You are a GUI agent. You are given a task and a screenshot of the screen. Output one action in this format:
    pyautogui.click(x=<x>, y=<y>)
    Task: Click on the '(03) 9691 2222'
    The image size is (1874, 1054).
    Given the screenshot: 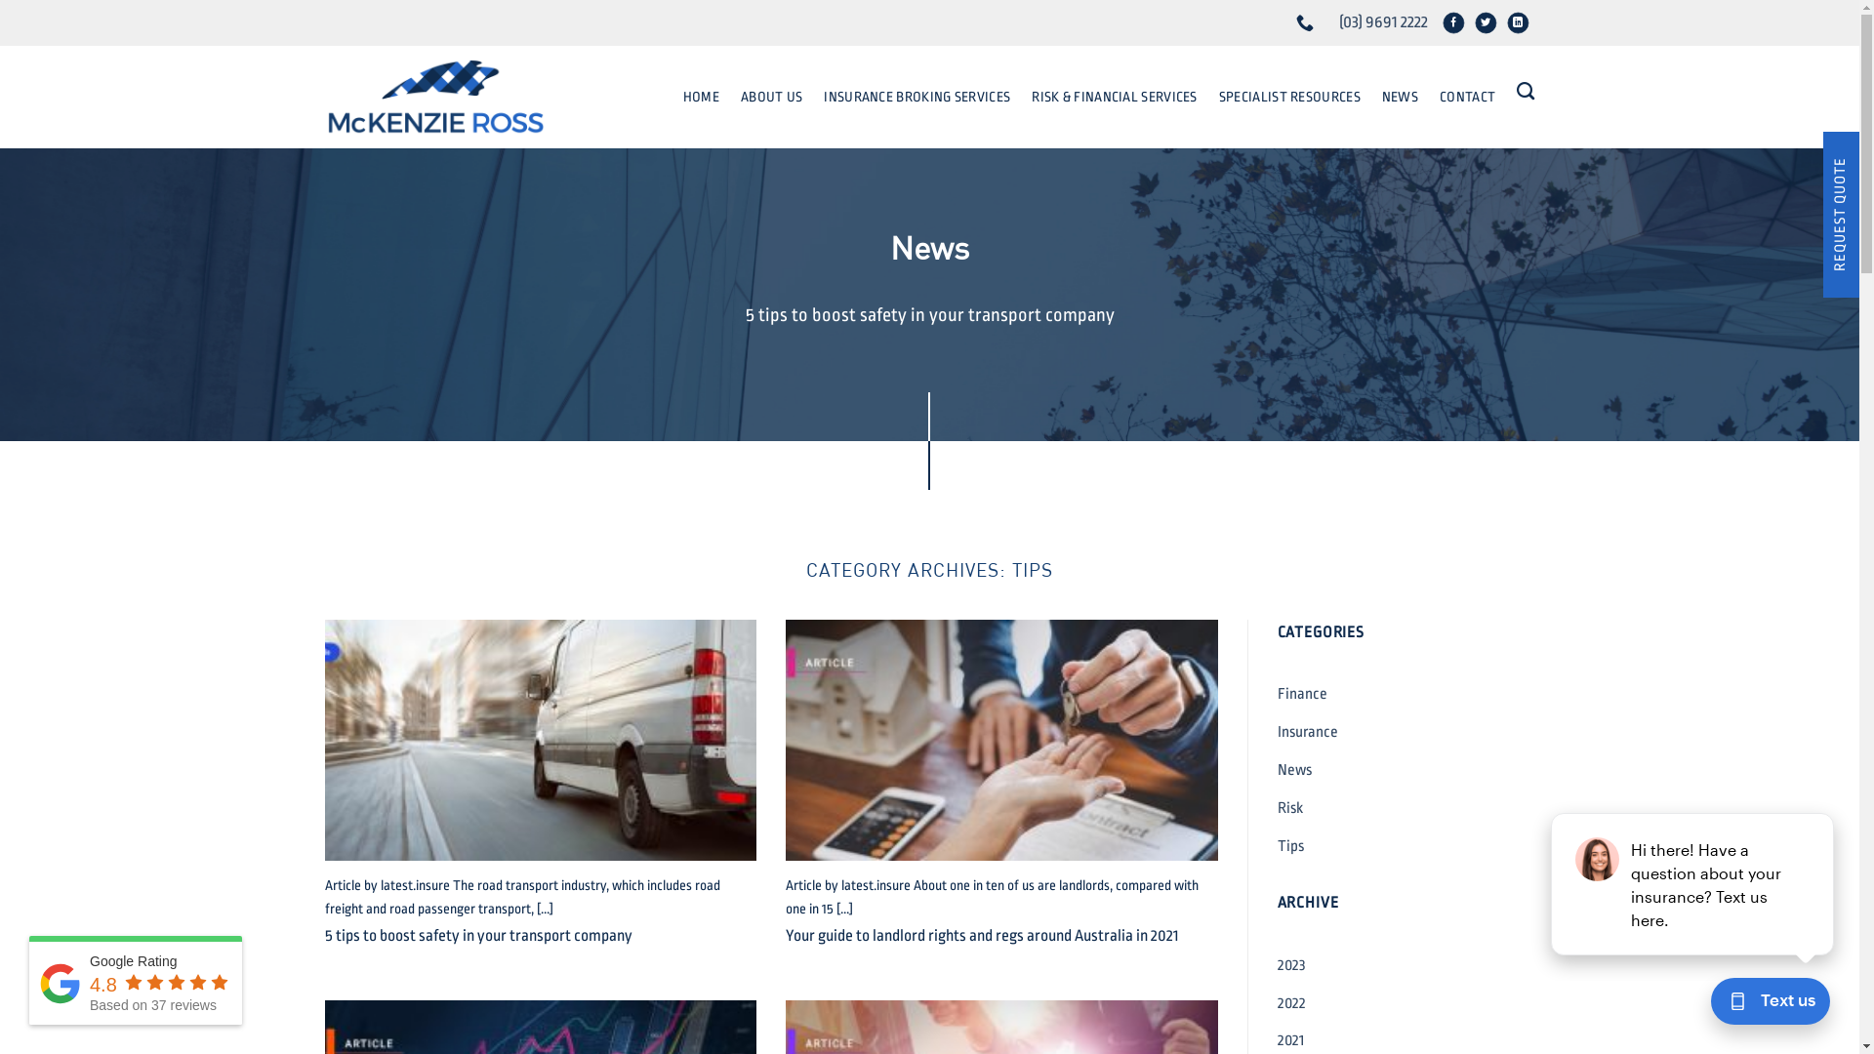 What is the action you would take?
    pyautogui.click(x=1307, y=22)
    